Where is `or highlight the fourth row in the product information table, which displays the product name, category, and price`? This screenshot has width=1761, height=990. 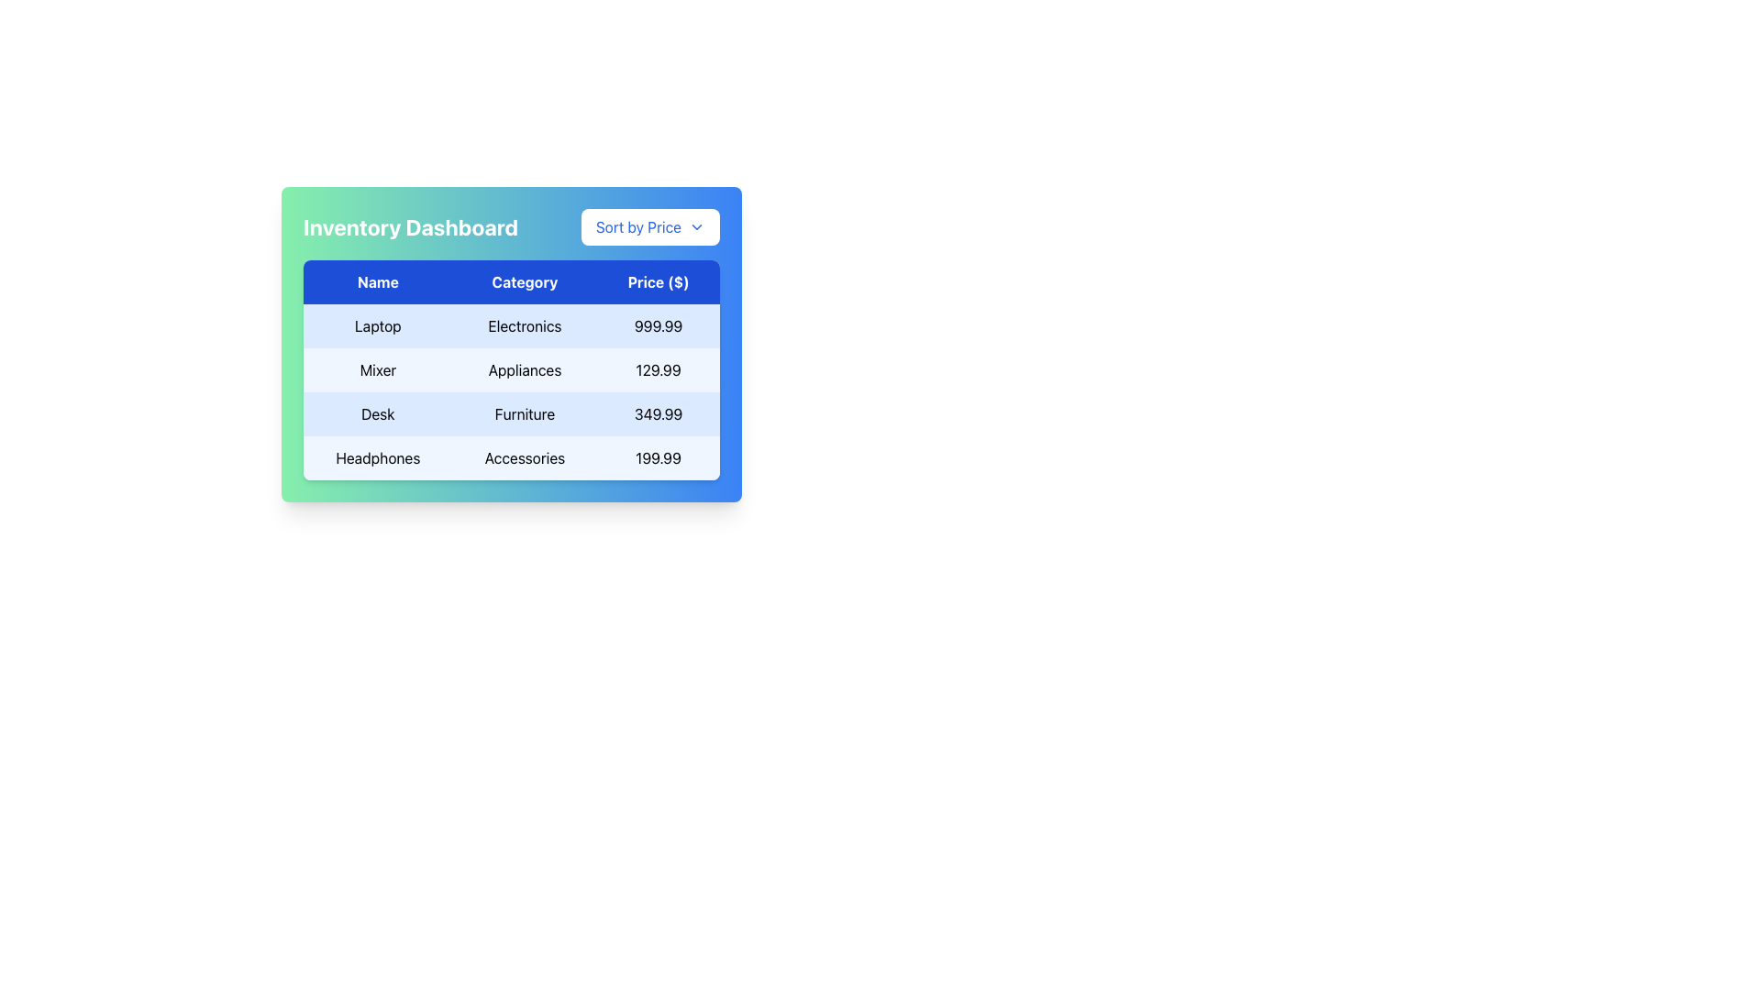 or highlight the fourth row in the product information table, which displays the product name, category, and price is located at coordinates (511, 457).